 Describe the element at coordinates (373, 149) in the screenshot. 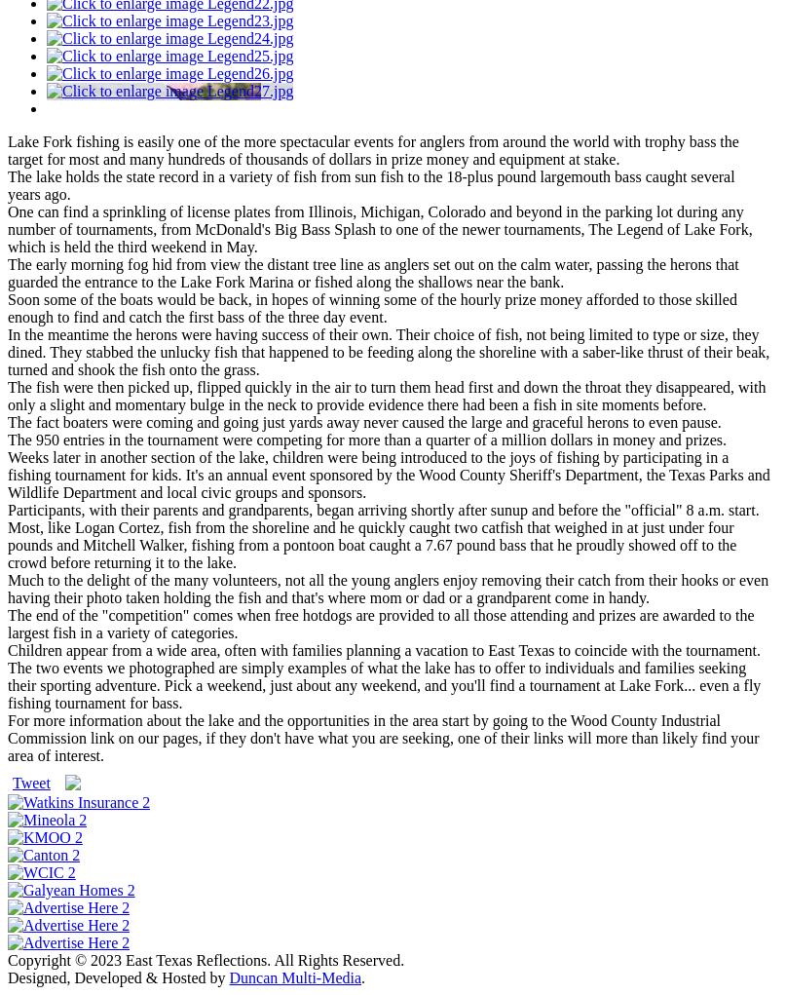

I see `'Lake Fork fishing is easily one of the more spectacular events for anglers from around the world with trophy bass the target for most and many hundreds of thousands of dollars in prize money and equipment at stake.'` at that location.